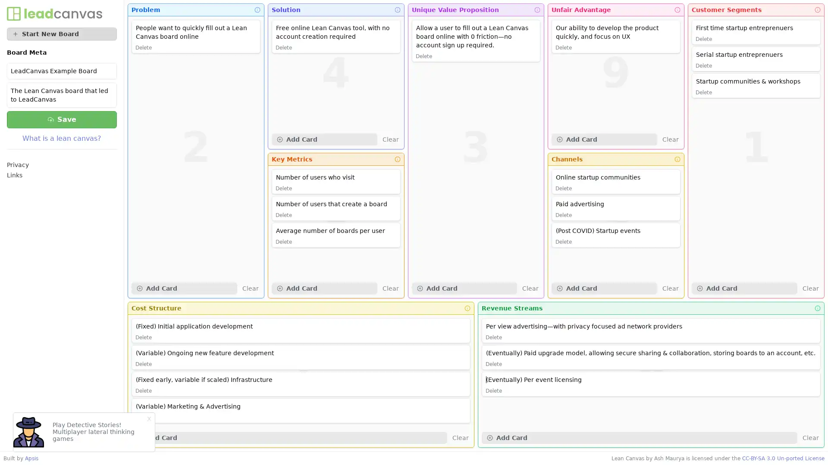 The width and height of the screenshot is (828, 465). What do you see at coordinates (283, 214) in the screenshot?
I see `Delete` at bounding box center [283, 214].